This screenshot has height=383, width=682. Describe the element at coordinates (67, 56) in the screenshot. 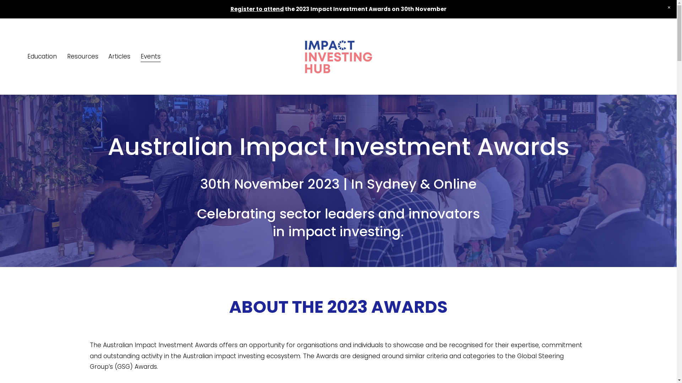

I see `'Resources'` at that location.